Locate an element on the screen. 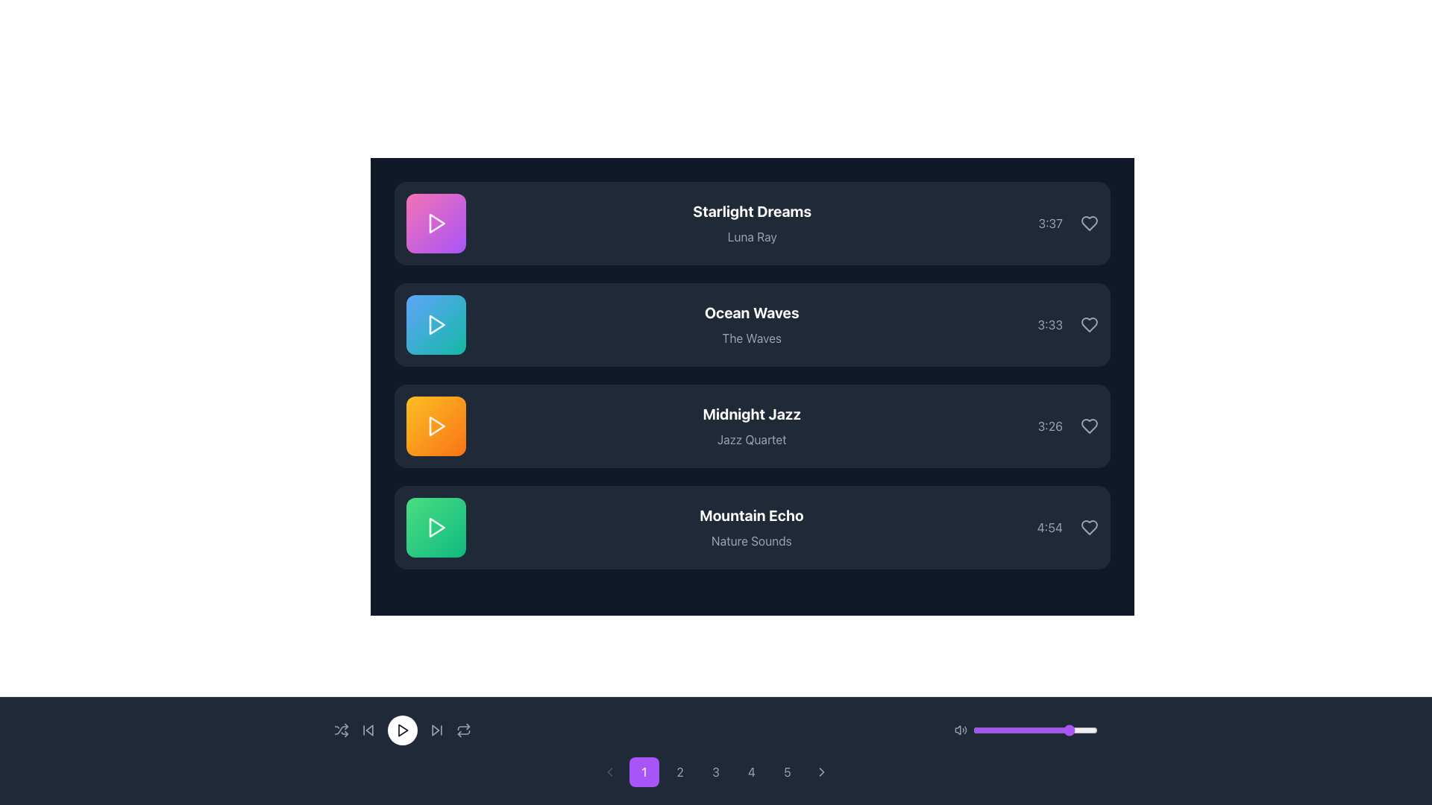  the static text display showing '3:33', which is positioned to the right of the list item titled 'Ocean Waves' is located at coordinates (1049, 323).